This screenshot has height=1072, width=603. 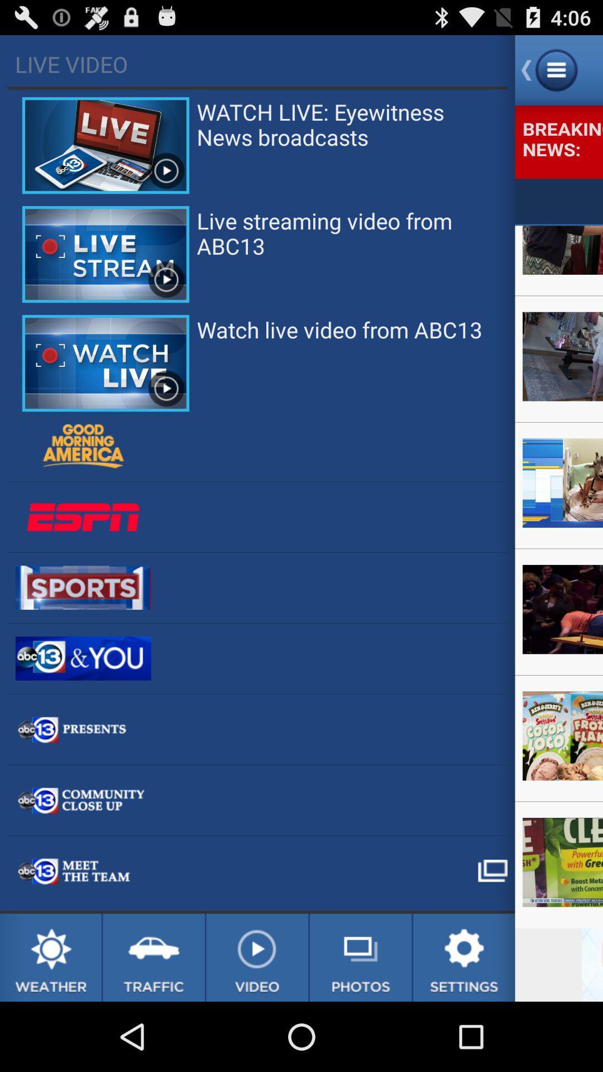 I want to click on open settings, so click(x=464, y=957).